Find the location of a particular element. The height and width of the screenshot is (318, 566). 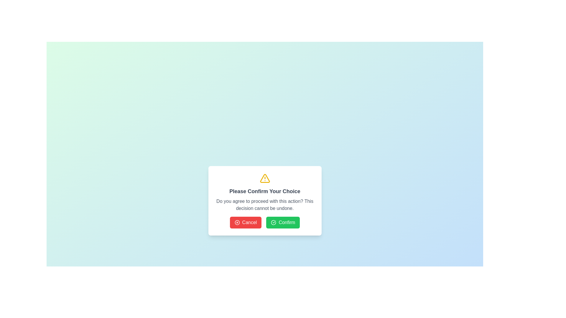

the triangular warning icon, which is yellow with a black outline and located at the top center of the modal dialog titled 'Please Confirm Your Choice' is located at coordinates (264, 178).